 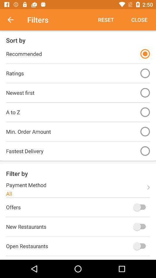 I want to click on ratings, so click(x=145, y=73).